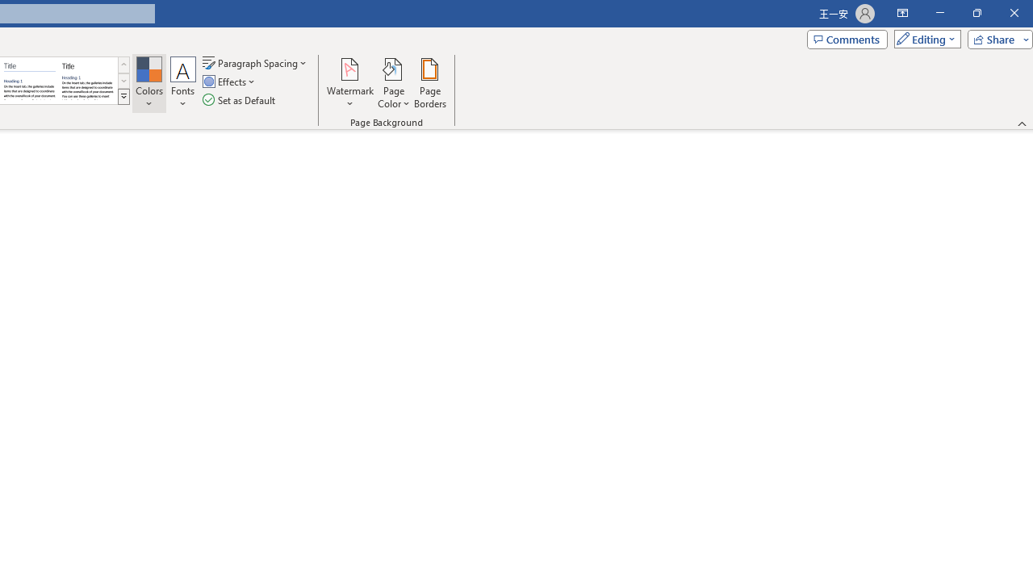 This screenshot has width=1033, height=581. Describe the element at coordinates (229, 82) in the screenshot. I see `'Effects'` at that location.